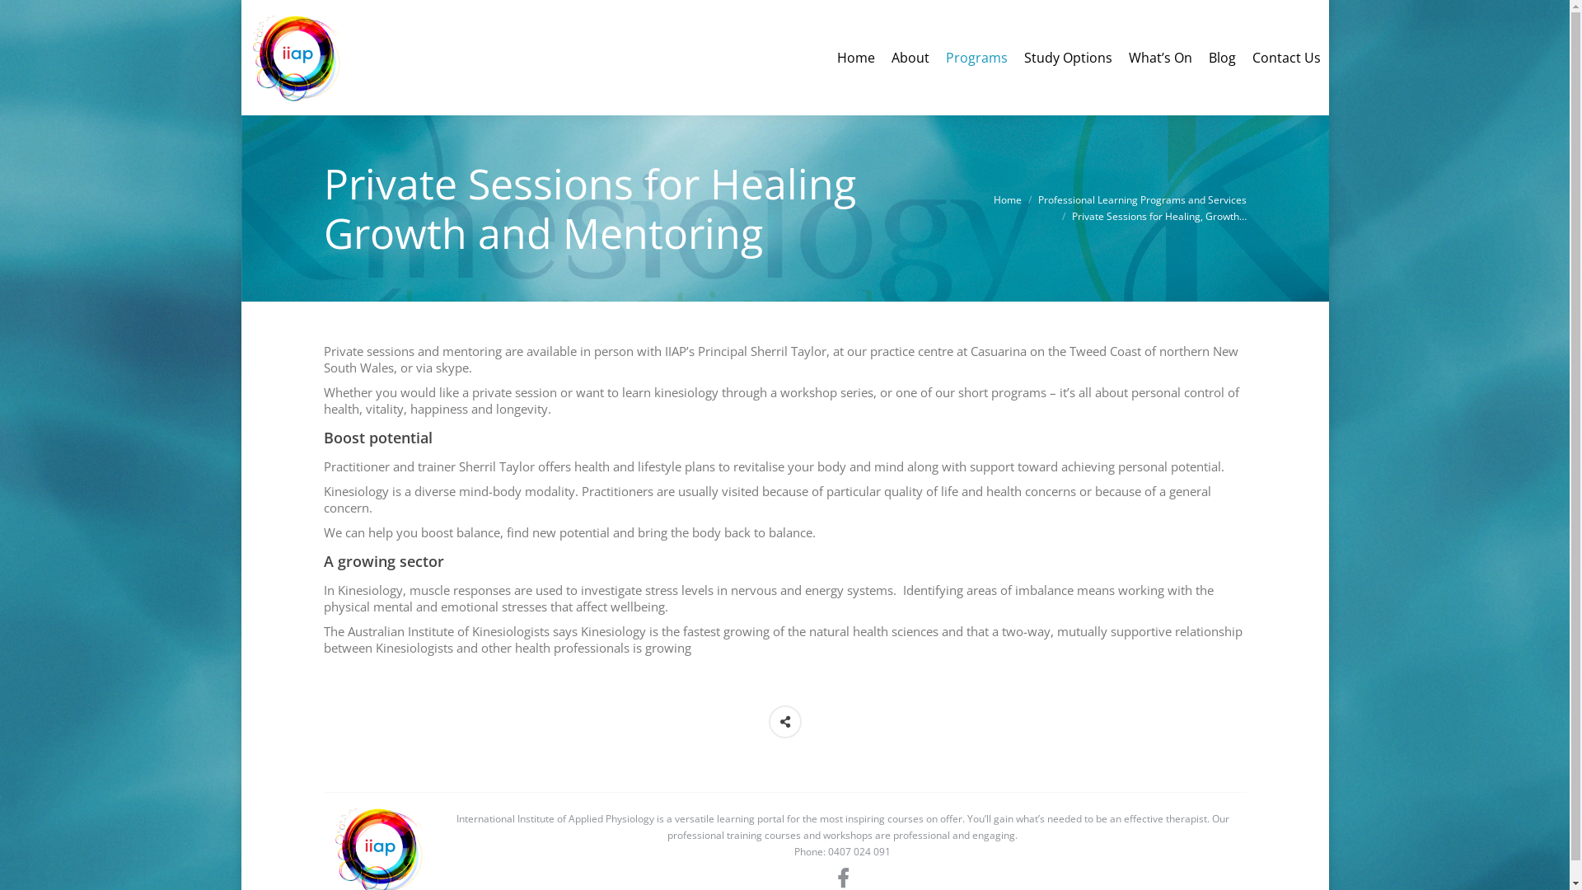 The height and width of the screenshot is (890, 1582). What do you see at coordinates (1221, 56) in the screenshot?
I see `'Blog'` at bounding box center [1221, 56].